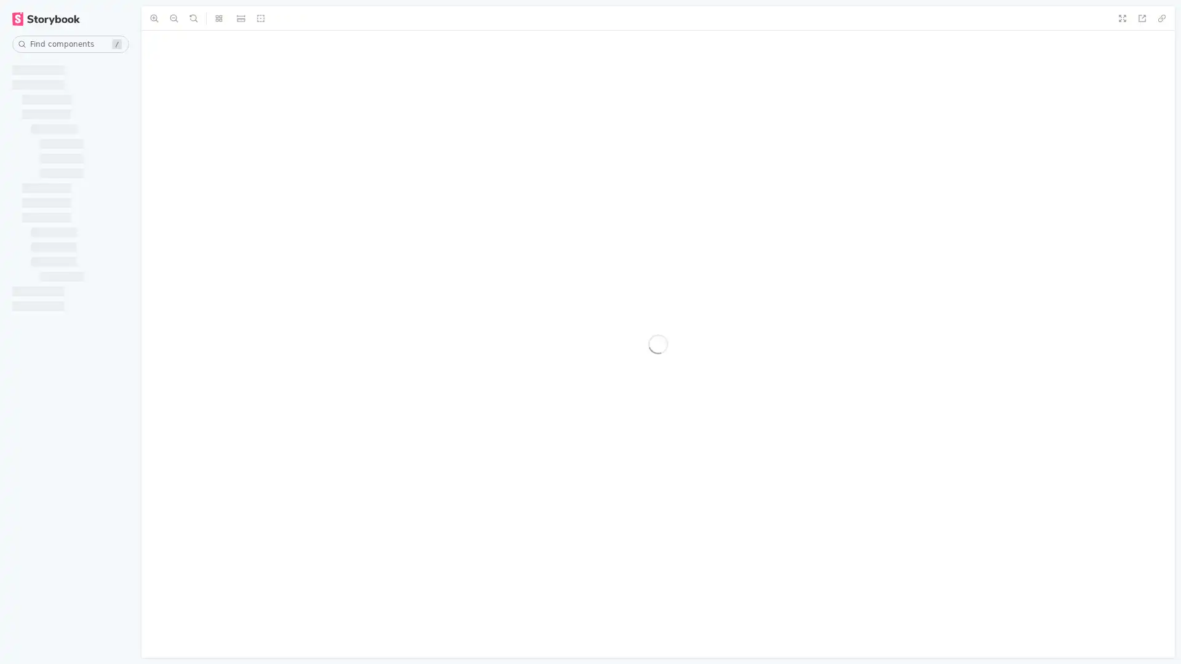 The width and height of the screenshot is (1181, 664). Describe the element at coordinates (402, 18) in the screenshot. I see `Animations` at that location.